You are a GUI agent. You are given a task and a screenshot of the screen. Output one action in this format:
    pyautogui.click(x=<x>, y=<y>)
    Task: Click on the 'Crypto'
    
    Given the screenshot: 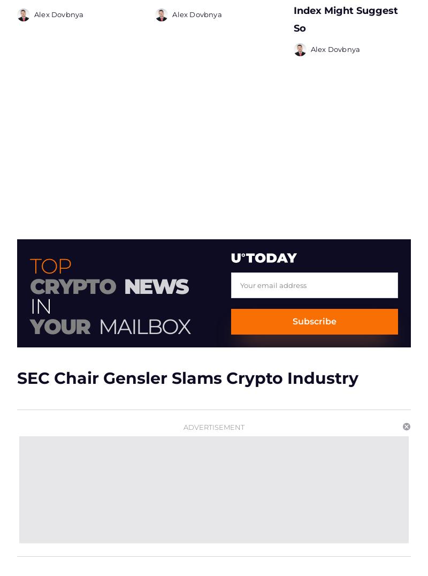 What is the action you would take?
    pyautogui.click(x=72, y=282)
    